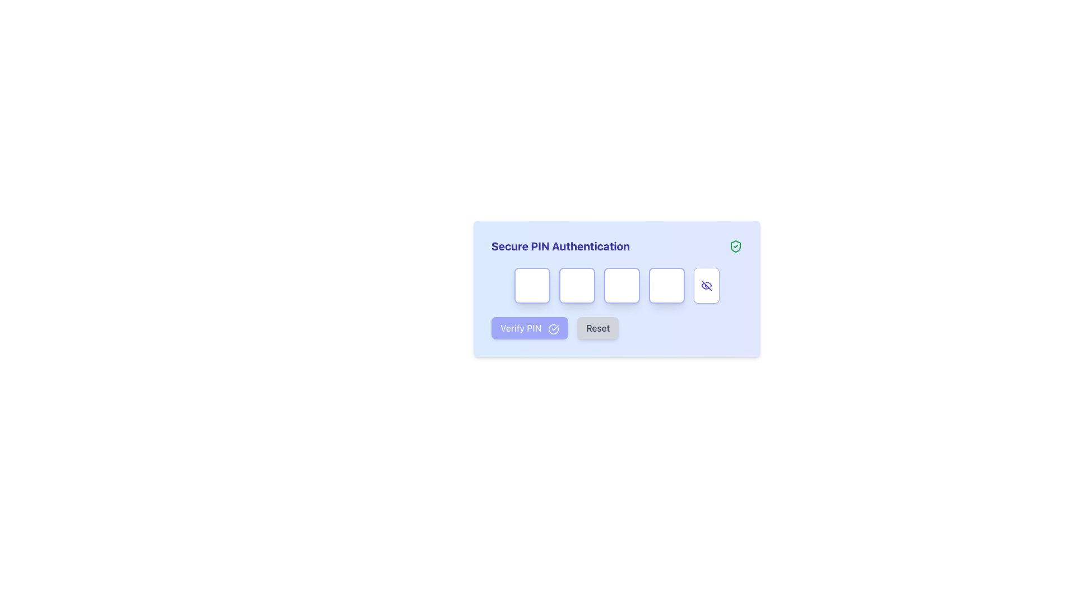 Image resolution: width=1076 pixels, height=605 pixels. Describe the element at coordinates (706, 285) in the screenshot. I see `the visibility toggle icon in the bottom-right section of the main interface` at that location.